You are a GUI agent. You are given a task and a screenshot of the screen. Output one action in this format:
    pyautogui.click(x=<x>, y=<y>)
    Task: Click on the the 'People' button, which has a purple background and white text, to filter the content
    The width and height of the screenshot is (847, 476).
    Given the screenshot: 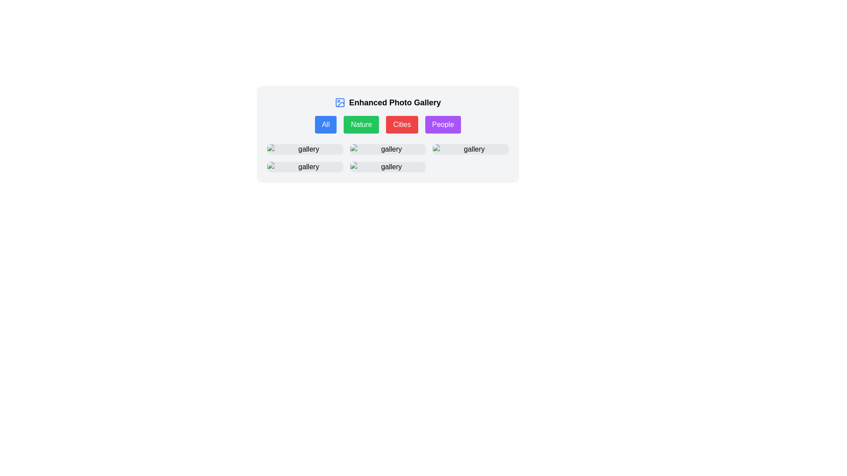 What is the action you would take?
    pyautogui.click(x=442, y=124)
    